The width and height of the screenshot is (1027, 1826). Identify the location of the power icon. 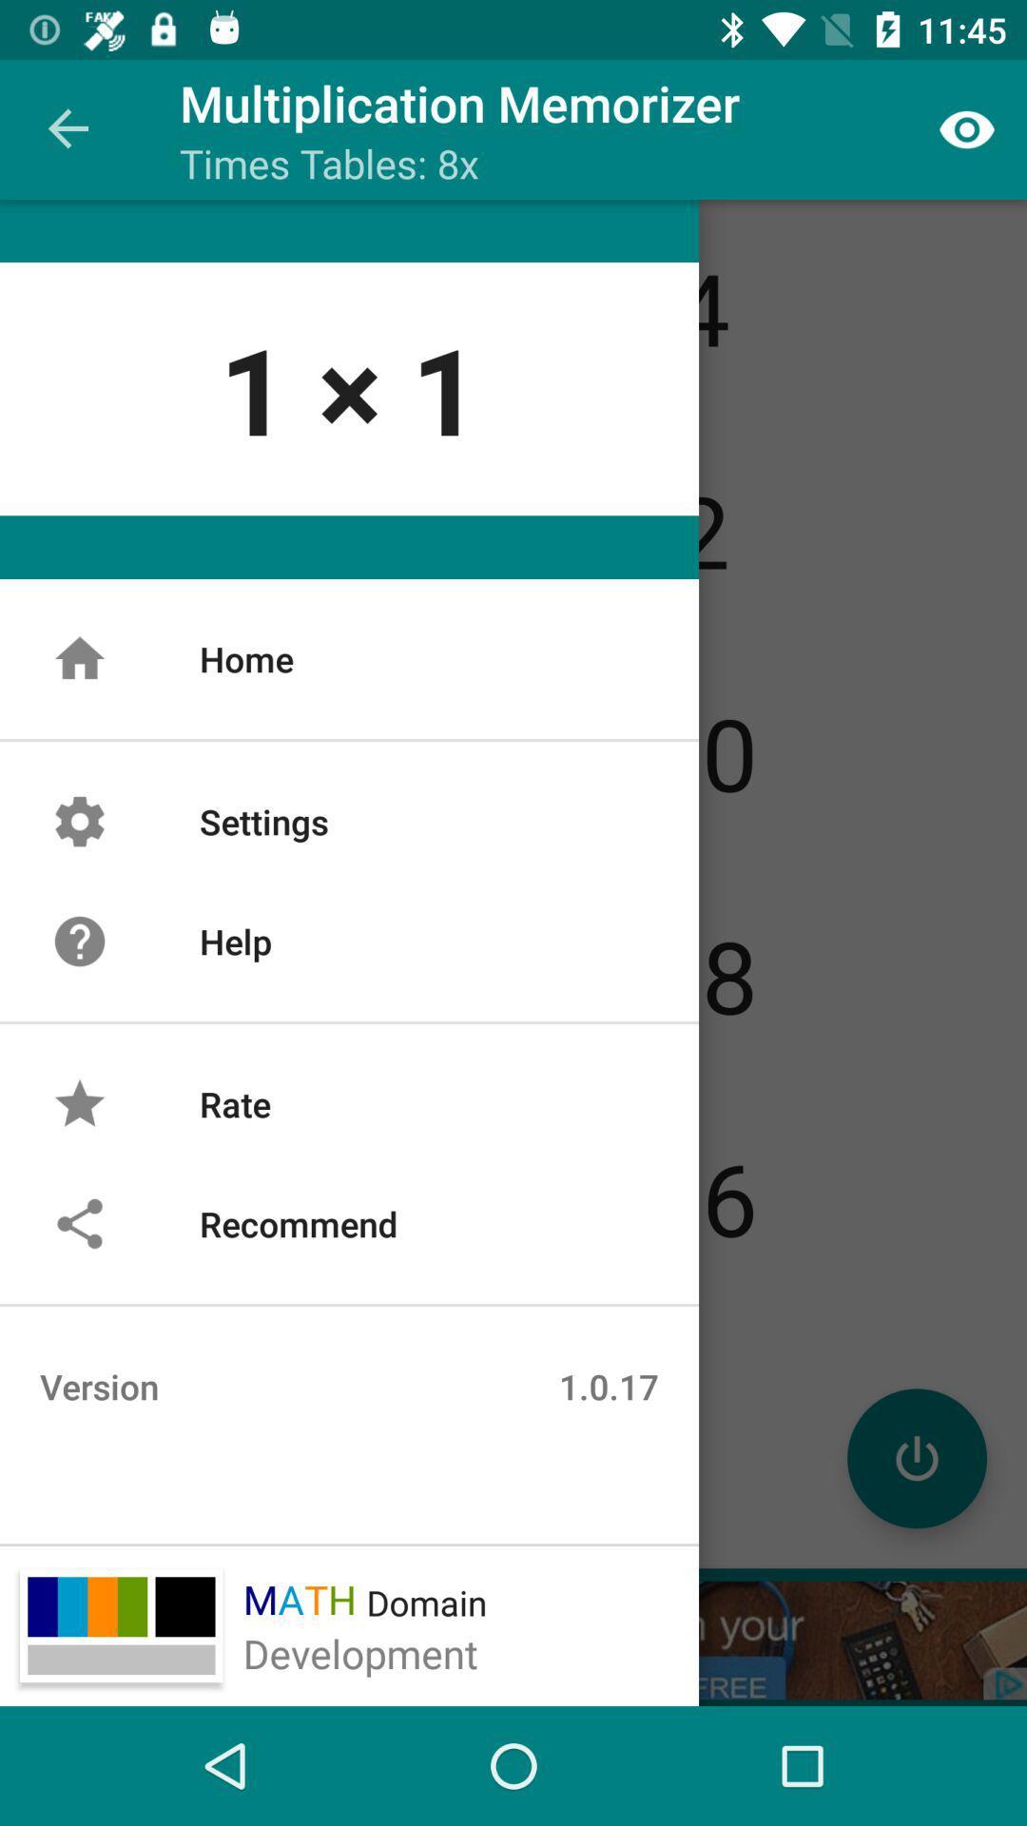
(916, 1457).